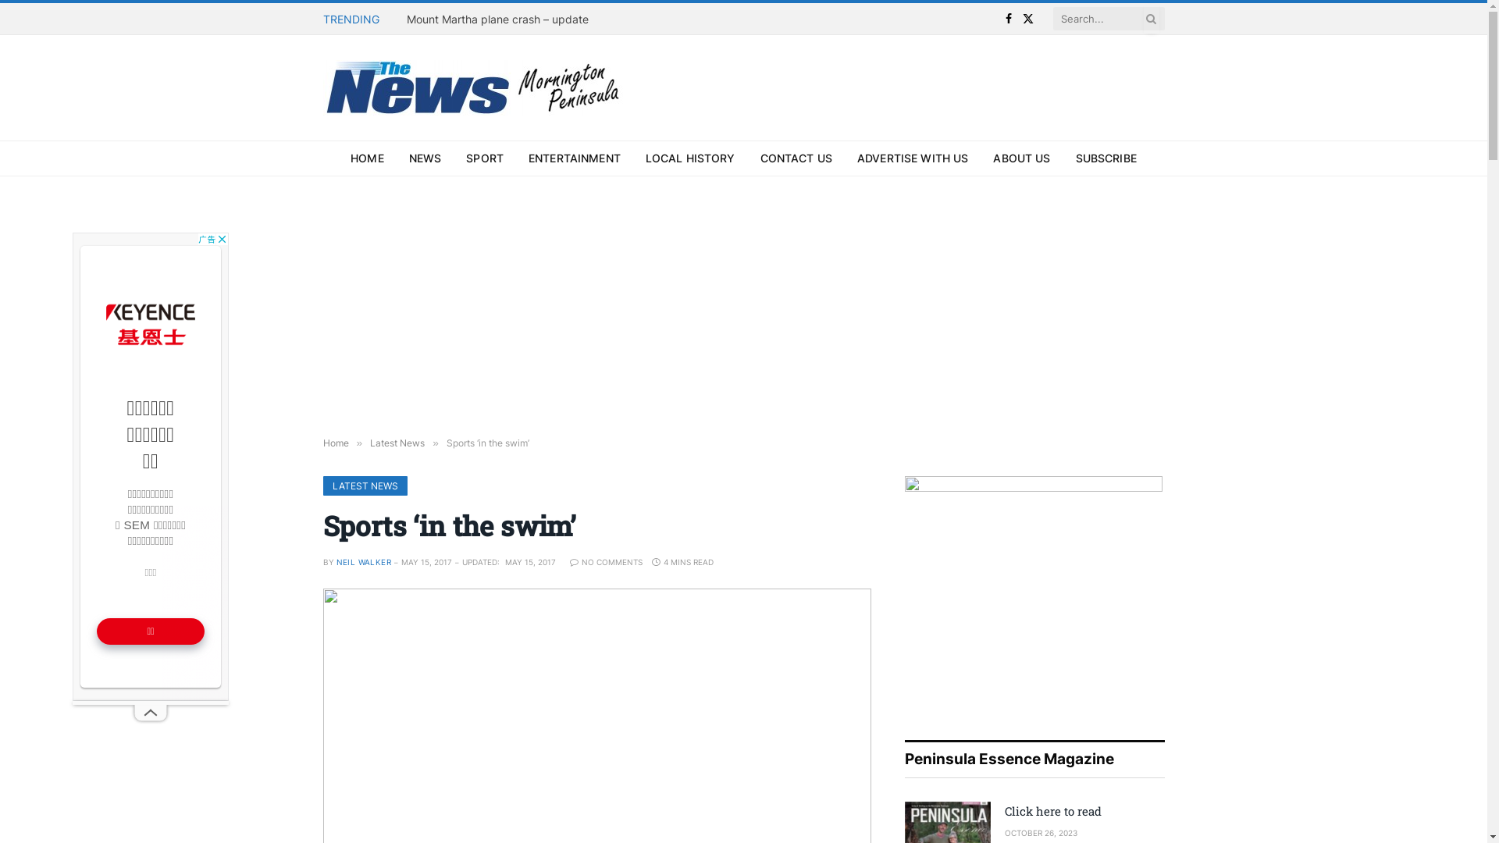  Describe the element at coordinates (362, 562) in the screenshot. I see `'NEIL WALKER'` at that location.